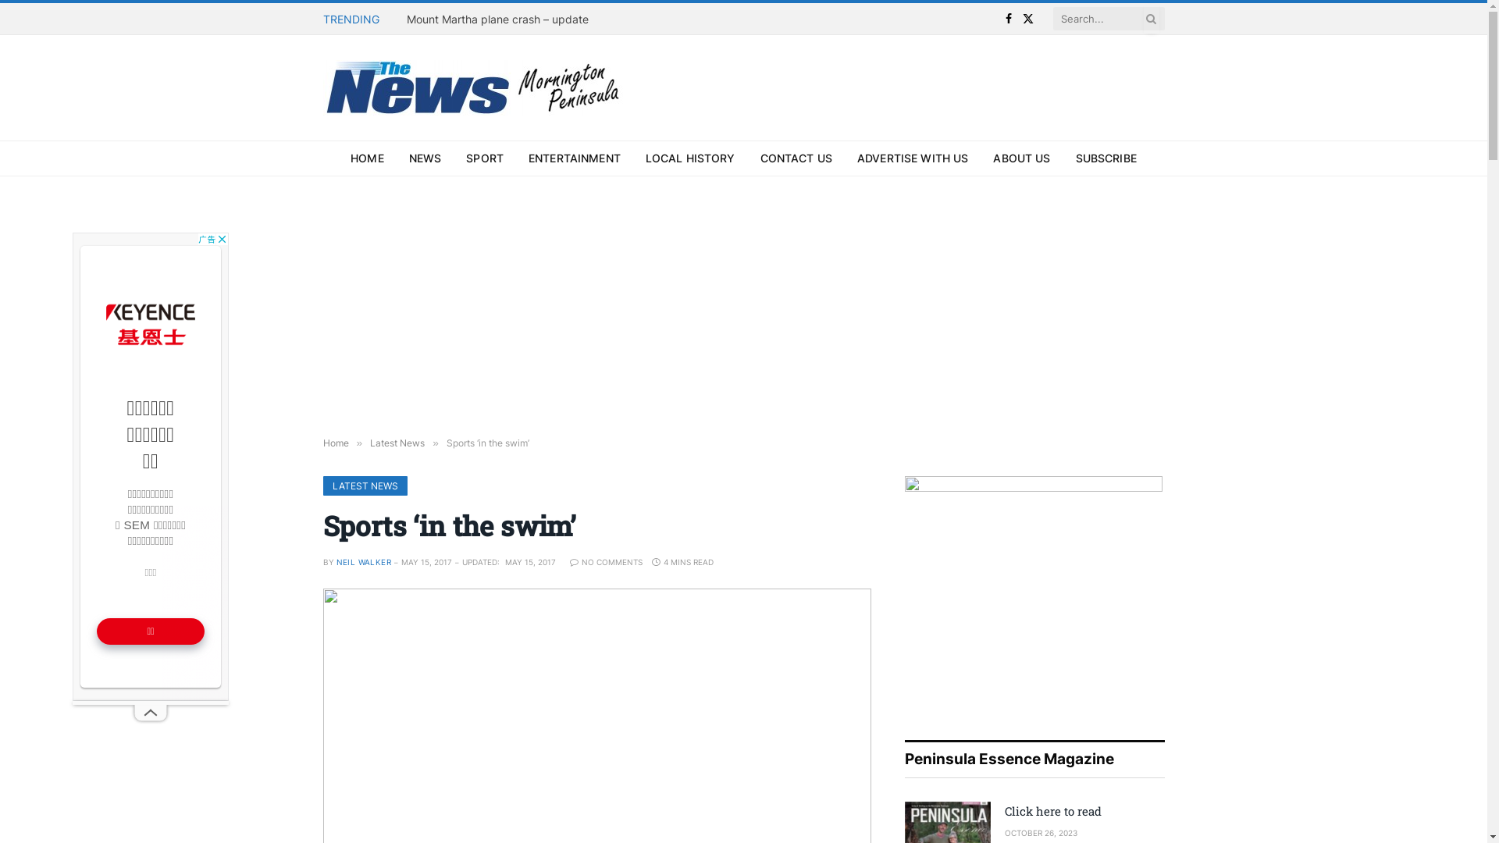  Describe the element at coordinates (362, 562) in the screenshot. I see `'NEIL WALKER'` at that location.